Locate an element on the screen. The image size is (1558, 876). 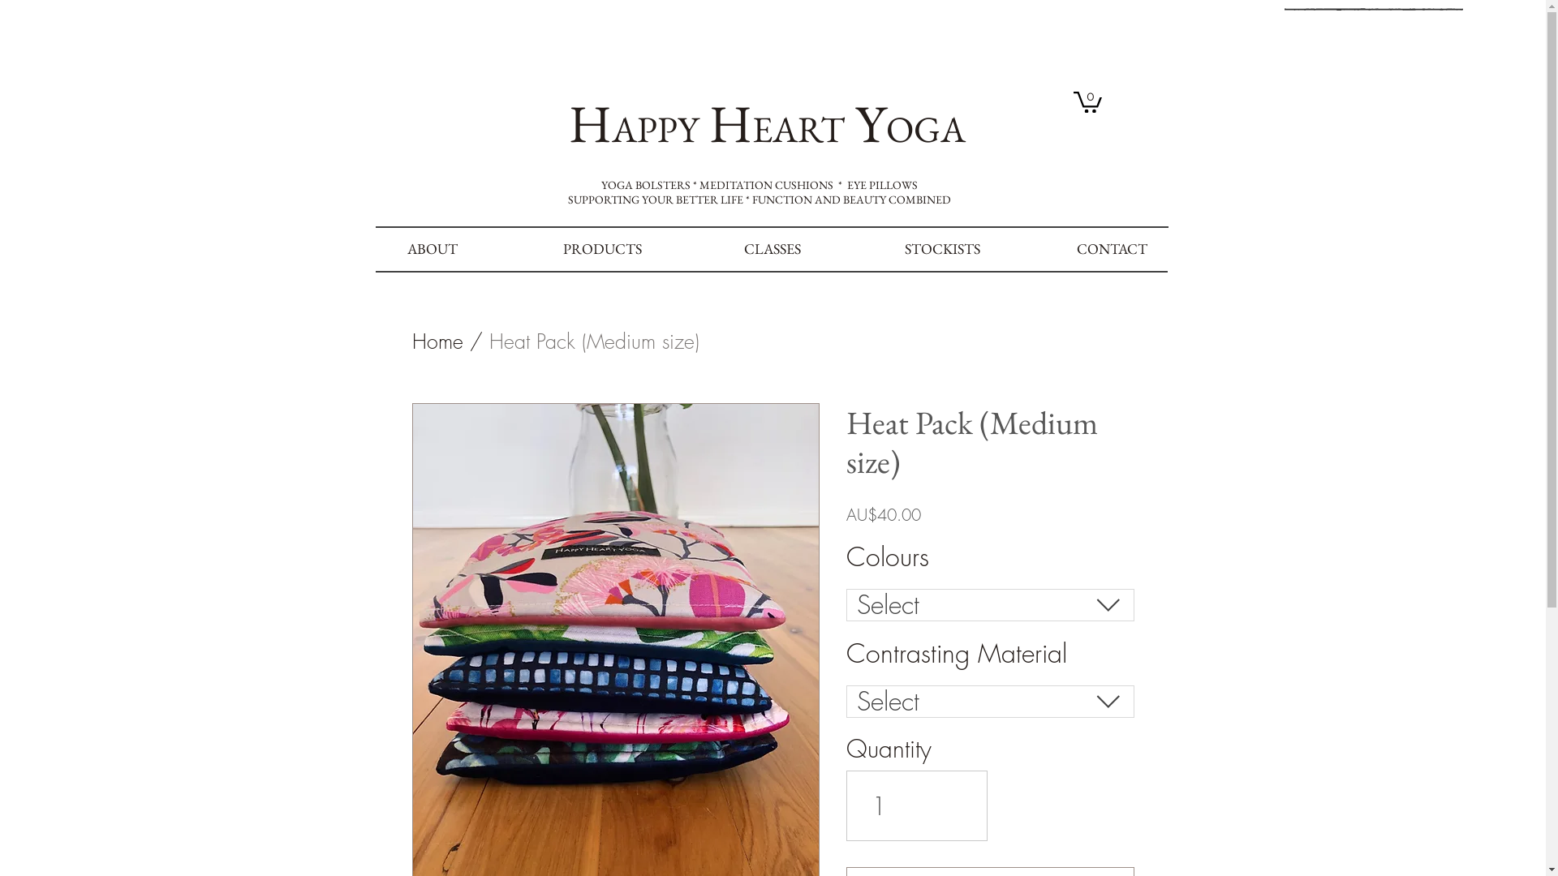
'CONTACT' is located at coordinates (1111, 249).